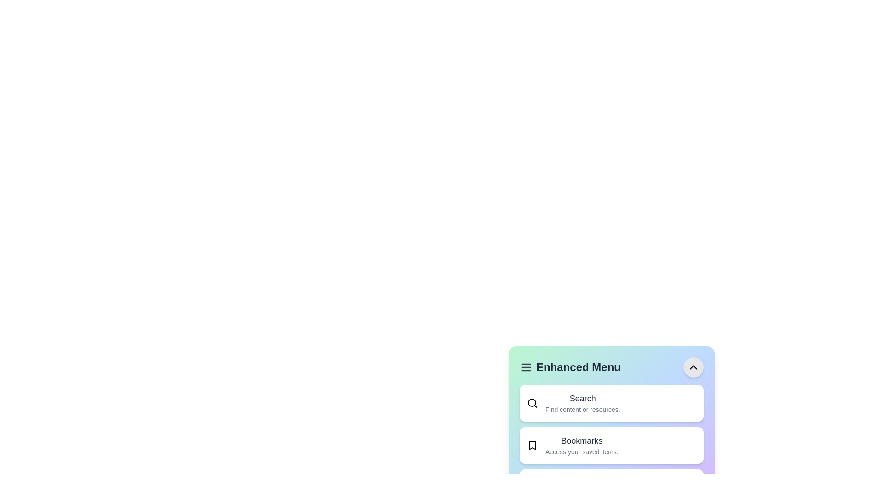 The height and width of the screenshot is (496, 883). Describe the element at coordinates (611, 403) in the screenshot. I see `the menu item labeled Search` at that location.